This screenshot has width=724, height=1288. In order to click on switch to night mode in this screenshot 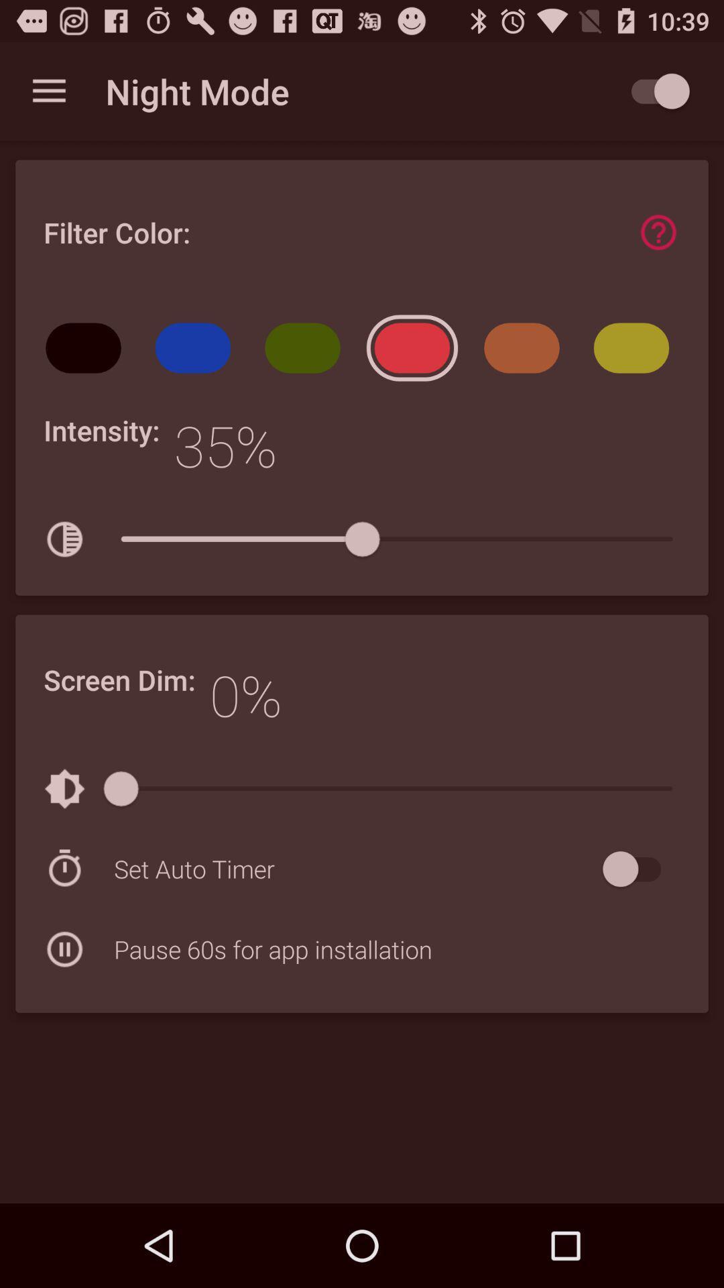, I will do `click(653, 91)`.